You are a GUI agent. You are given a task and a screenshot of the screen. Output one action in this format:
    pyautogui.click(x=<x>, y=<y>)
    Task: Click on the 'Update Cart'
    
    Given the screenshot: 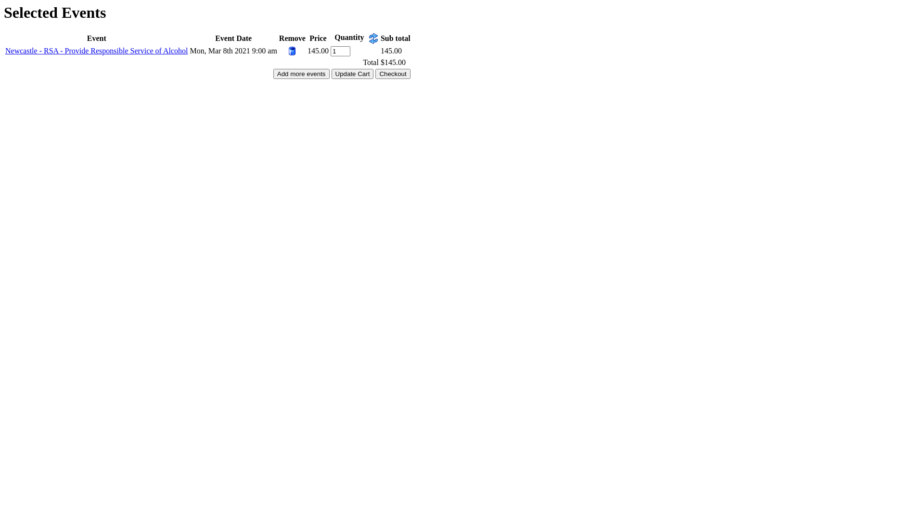 What is the action you would take?
    pyautogui.click(x=352, y=73)
    